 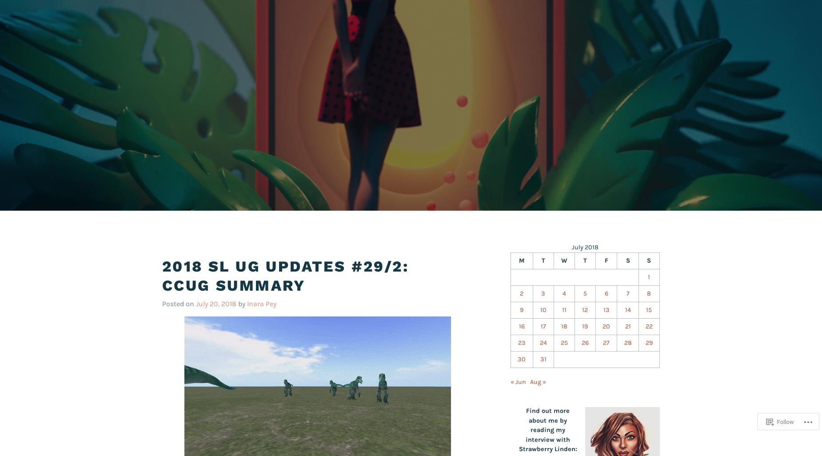 What do you see at coordinates (542, 358) in the screenshot?
I see `'31'` at bounding box center [542, 358].